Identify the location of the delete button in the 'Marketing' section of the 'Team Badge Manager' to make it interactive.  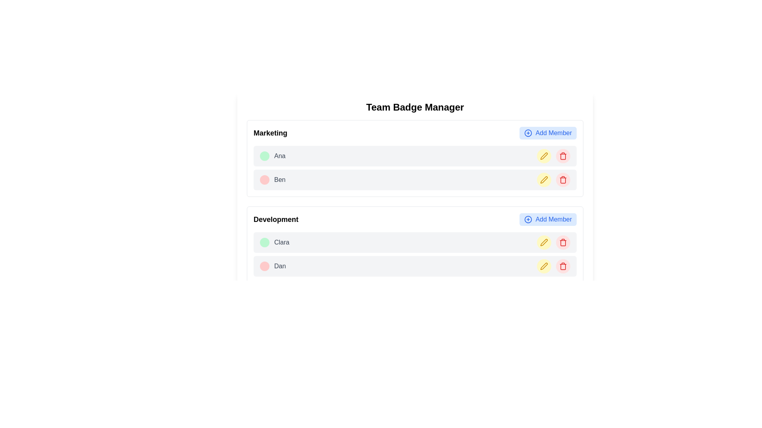
(563, 156).